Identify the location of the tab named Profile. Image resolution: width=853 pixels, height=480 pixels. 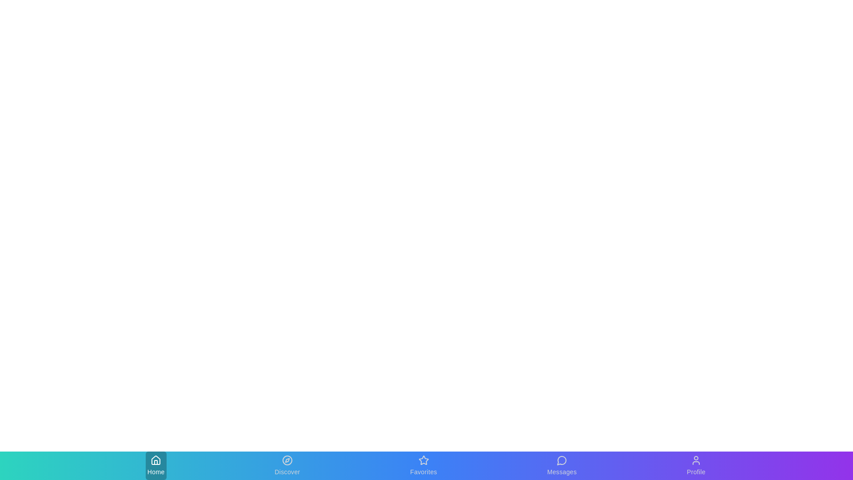
(695, 465).